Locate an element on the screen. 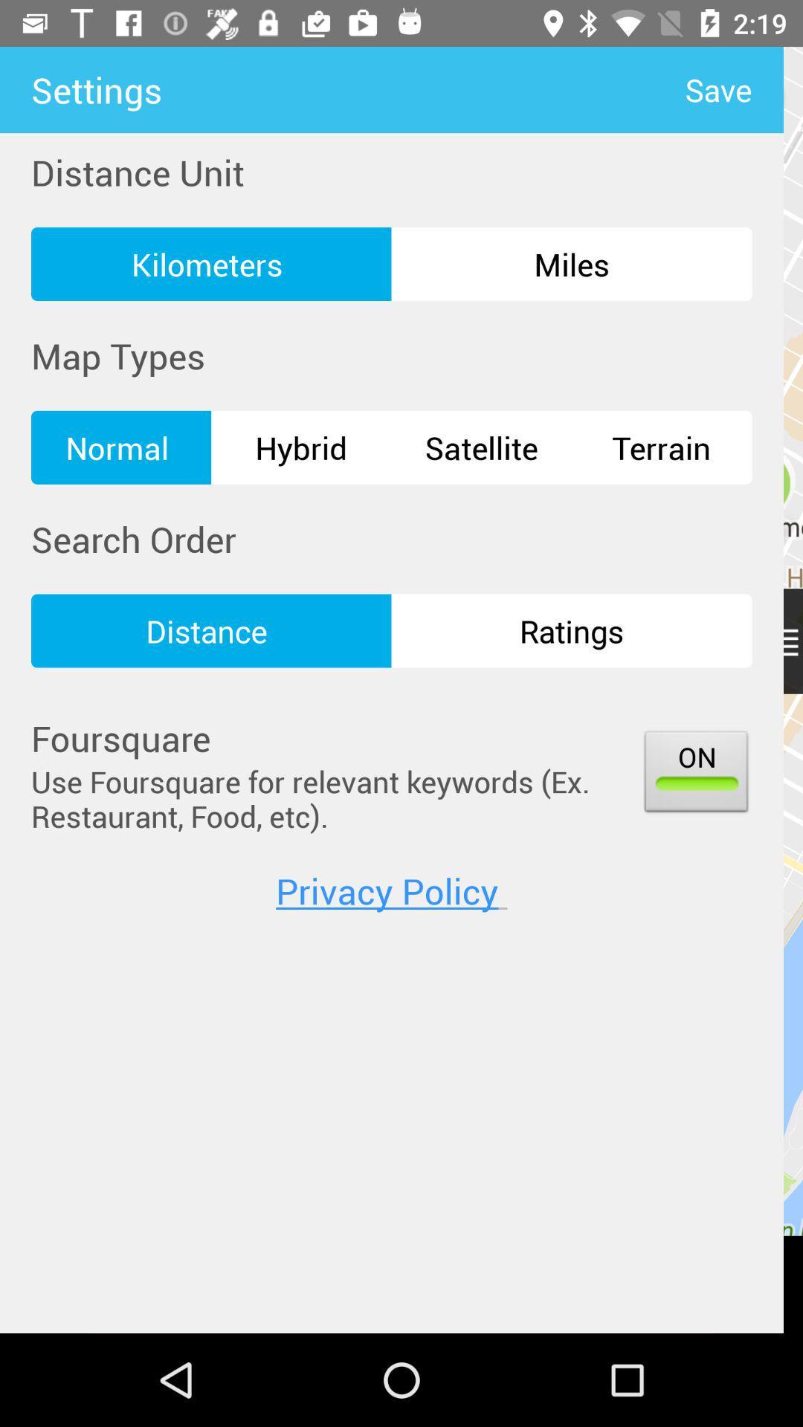 The image size is (803, 1427). the icon above the search order item is located at coordinates (120, 447).